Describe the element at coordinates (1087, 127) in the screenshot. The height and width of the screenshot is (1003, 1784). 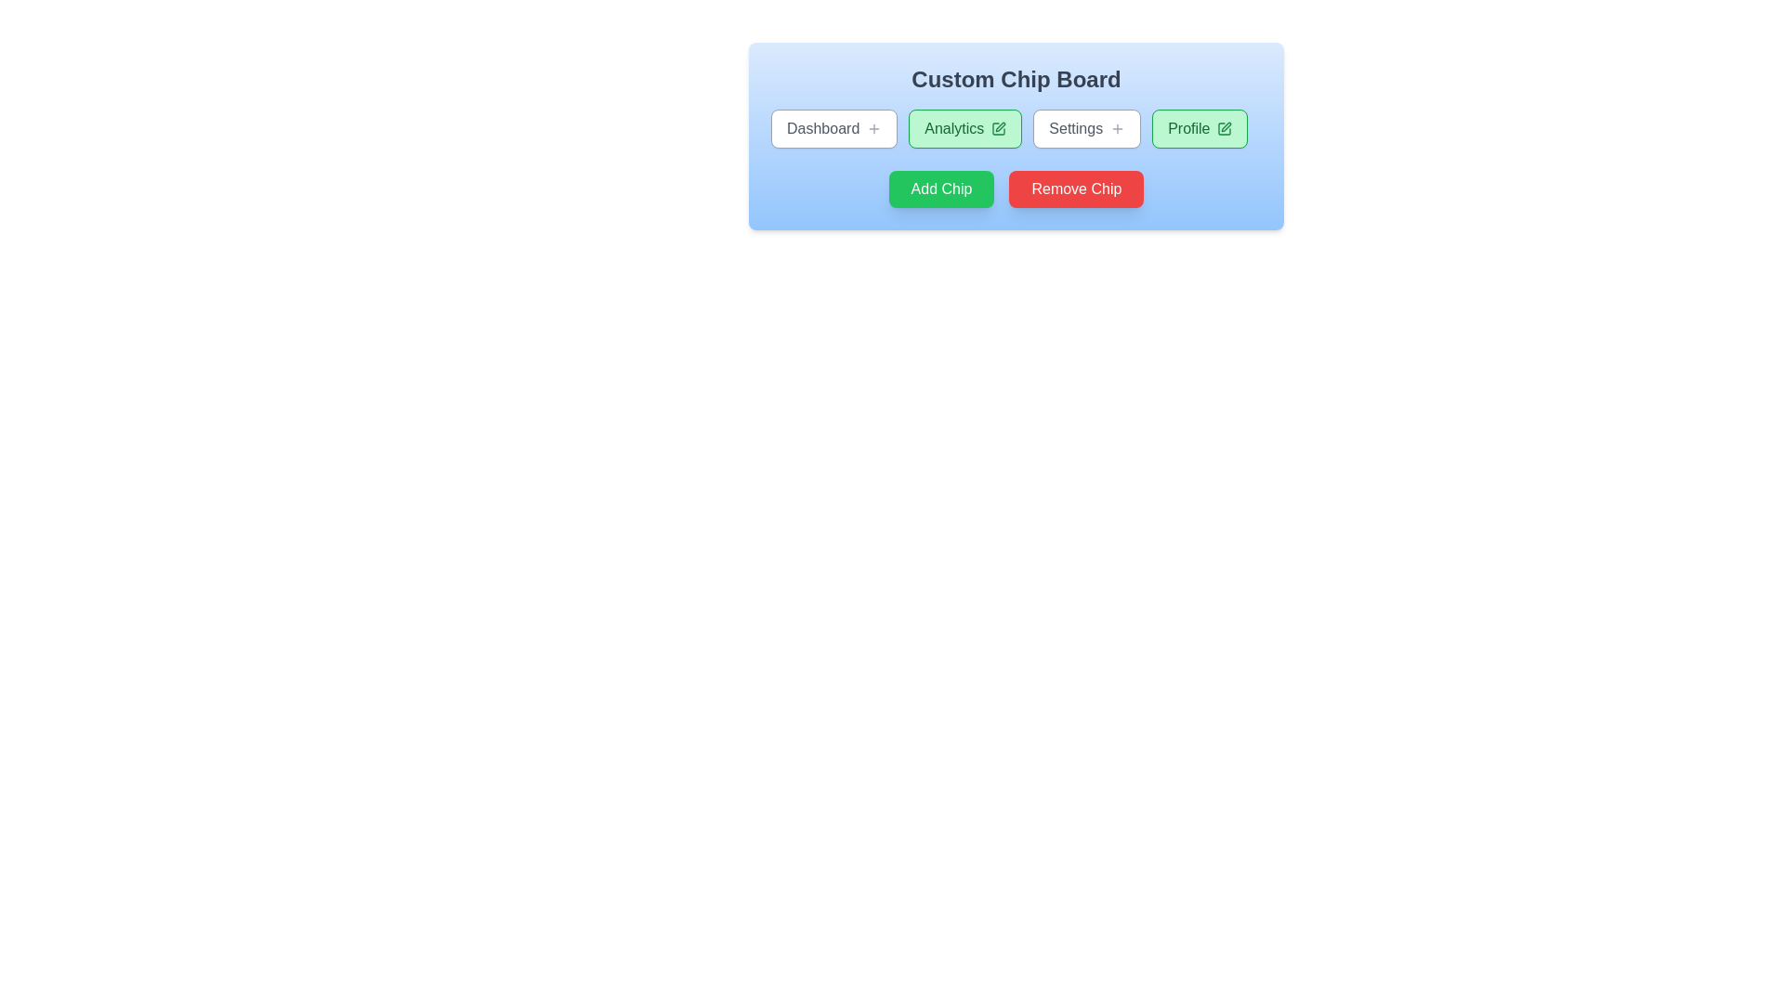
I see `the chip labeled 'Settings'` at that location.